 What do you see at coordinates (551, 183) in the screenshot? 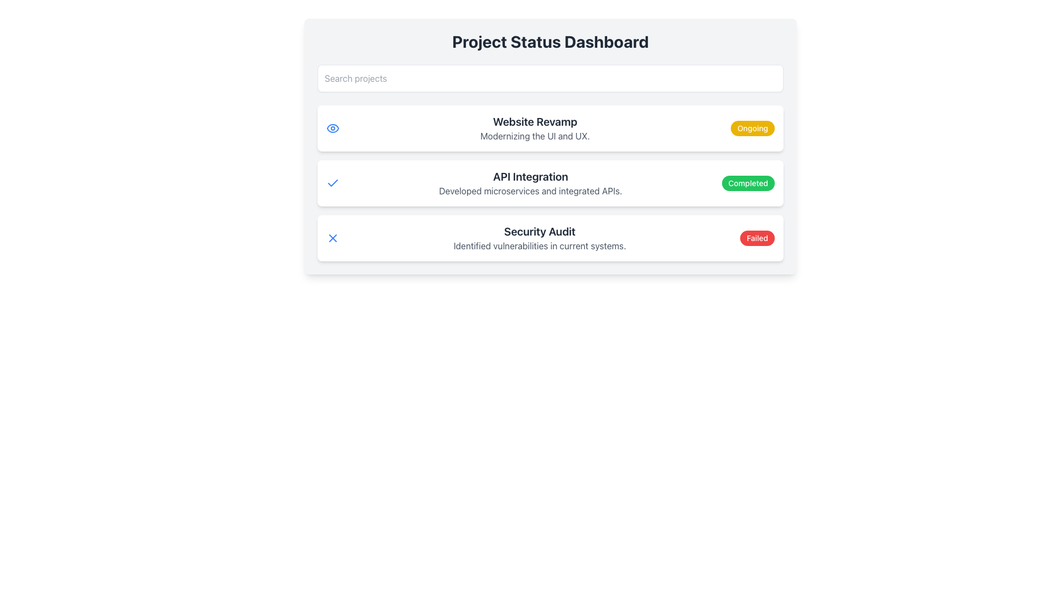
I see `the 'API Integration' text in the Item summary block` at bounding box center [551, 183].